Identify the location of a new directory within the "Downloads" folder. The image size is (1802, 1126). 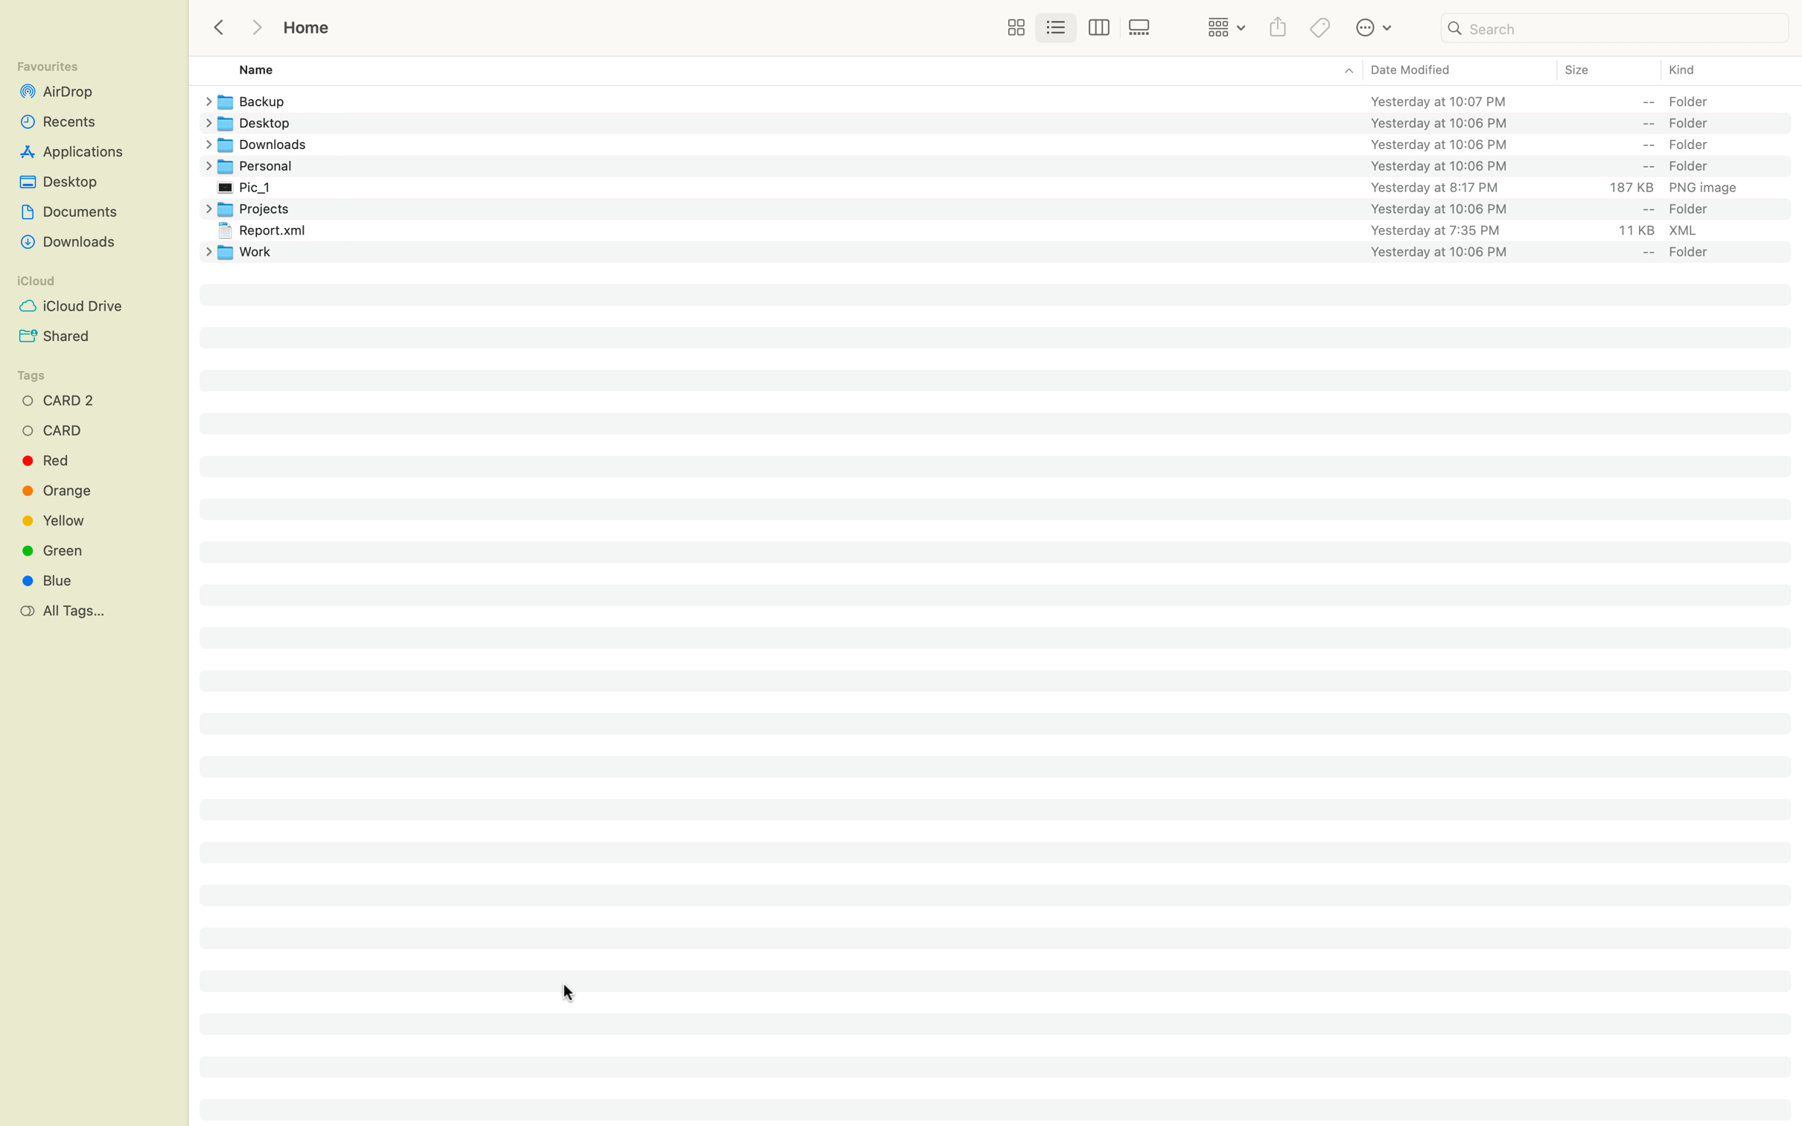
(205, 144).